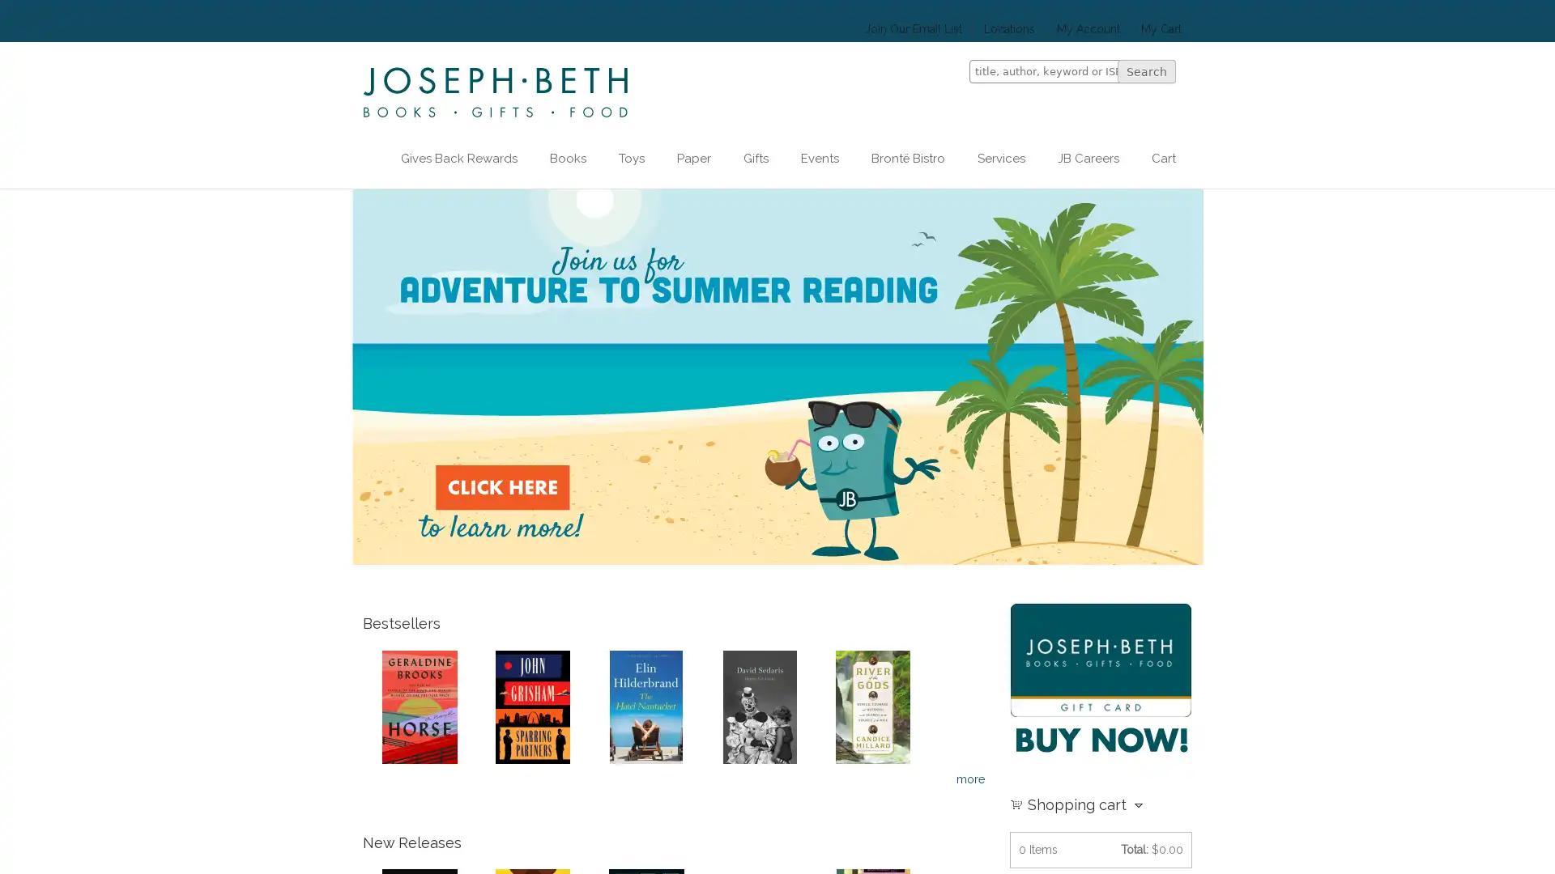 The height and width of the screenshot is (874, 1555). I want to click on Search, so click(1146, 70).